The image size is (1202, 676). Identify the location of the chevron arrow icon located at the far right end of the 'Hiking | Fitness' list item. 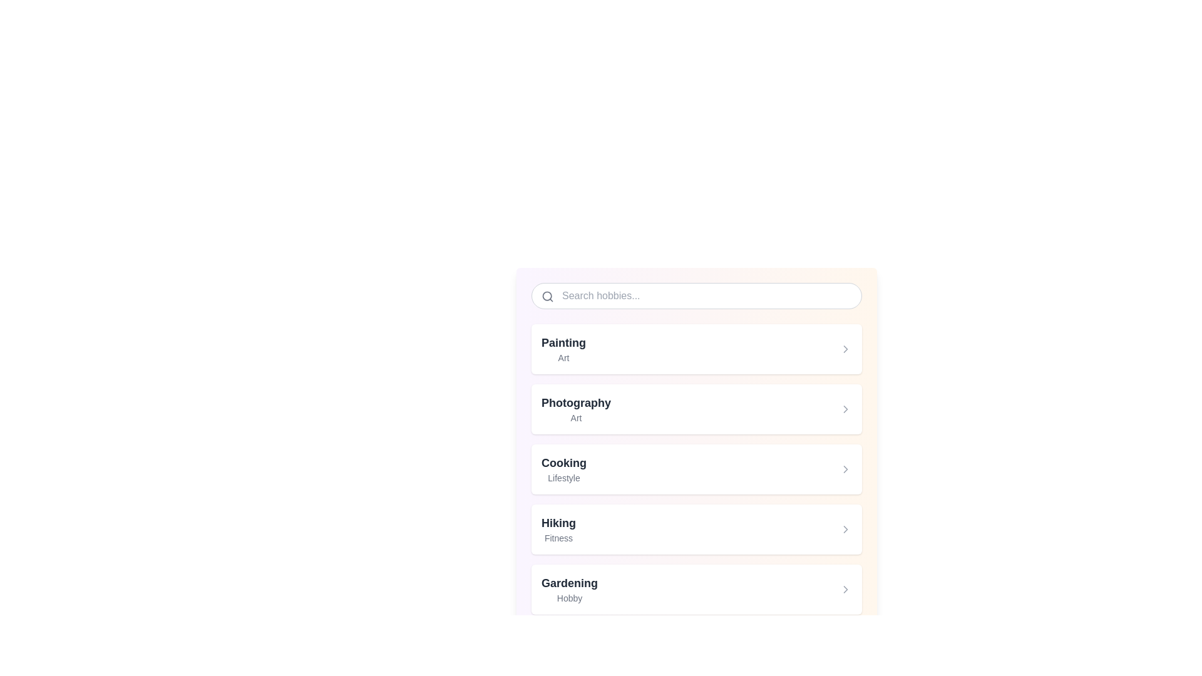
(845, 529).